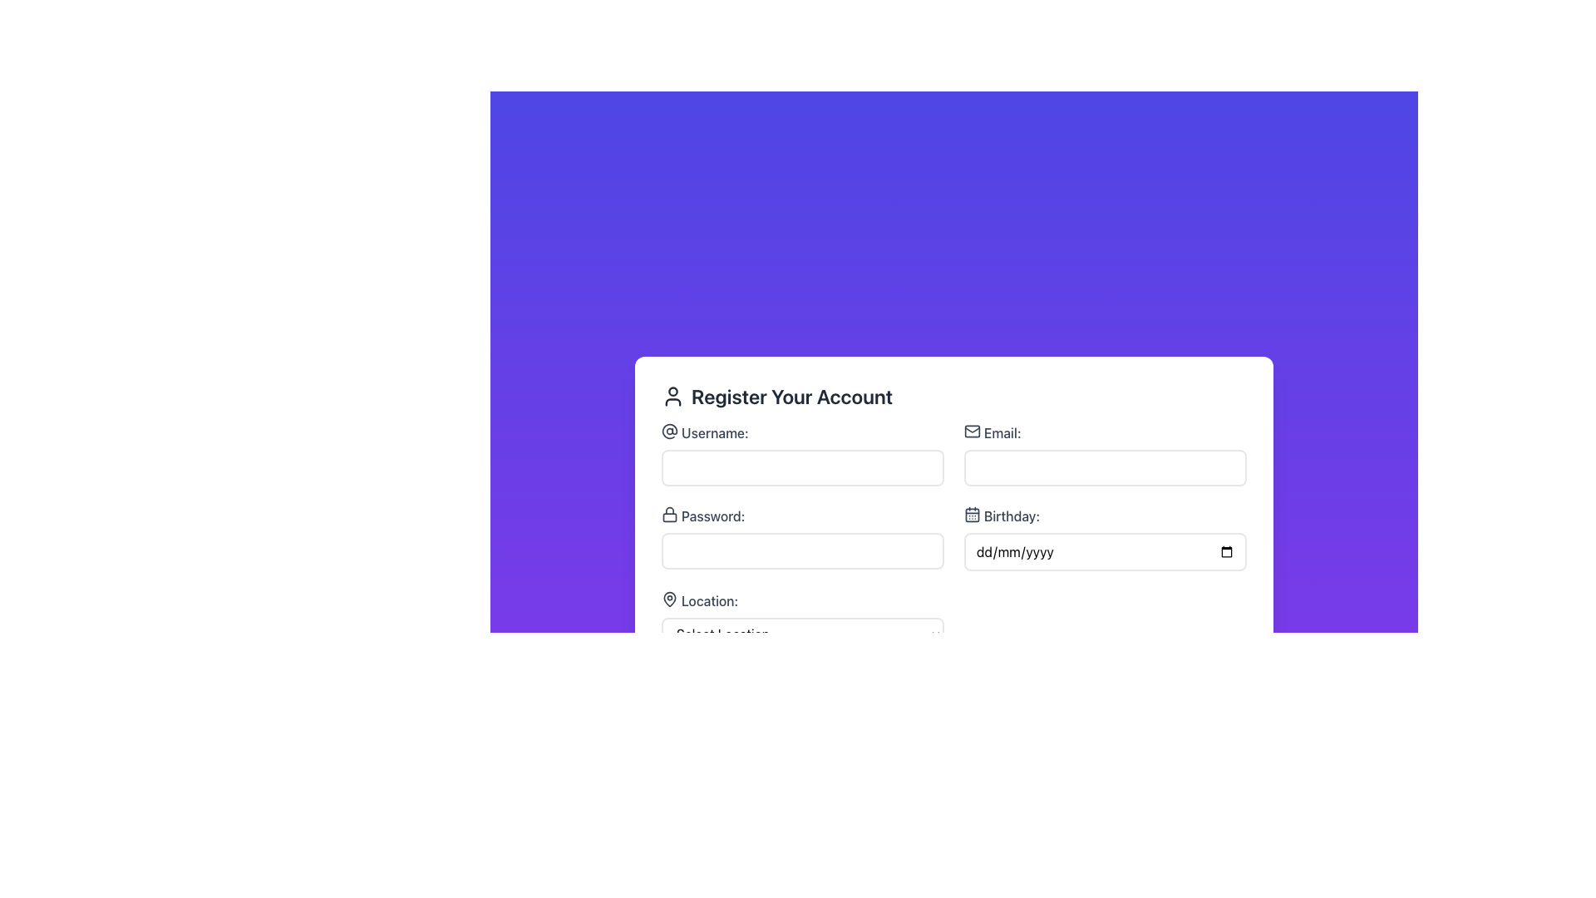 Image resolution: width=1596 pixels, height=898 pixels. I want to click on the small gray calendar icon located to the left of the 'Birthday:' text field, so click(973, 513).